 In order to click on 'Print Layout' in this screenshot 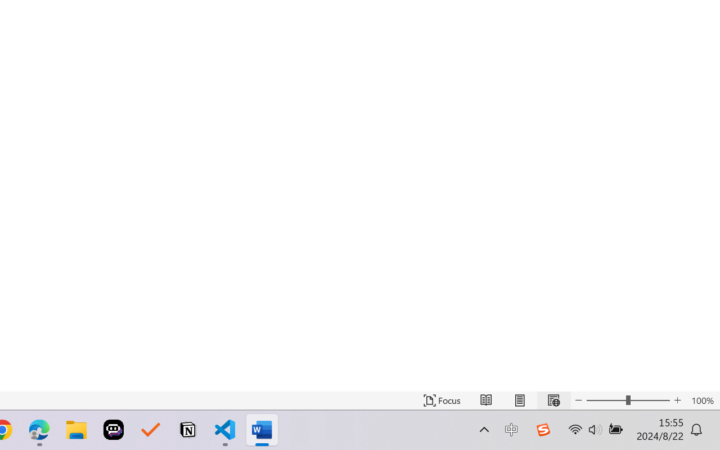, I will do `click(519, 400)`.